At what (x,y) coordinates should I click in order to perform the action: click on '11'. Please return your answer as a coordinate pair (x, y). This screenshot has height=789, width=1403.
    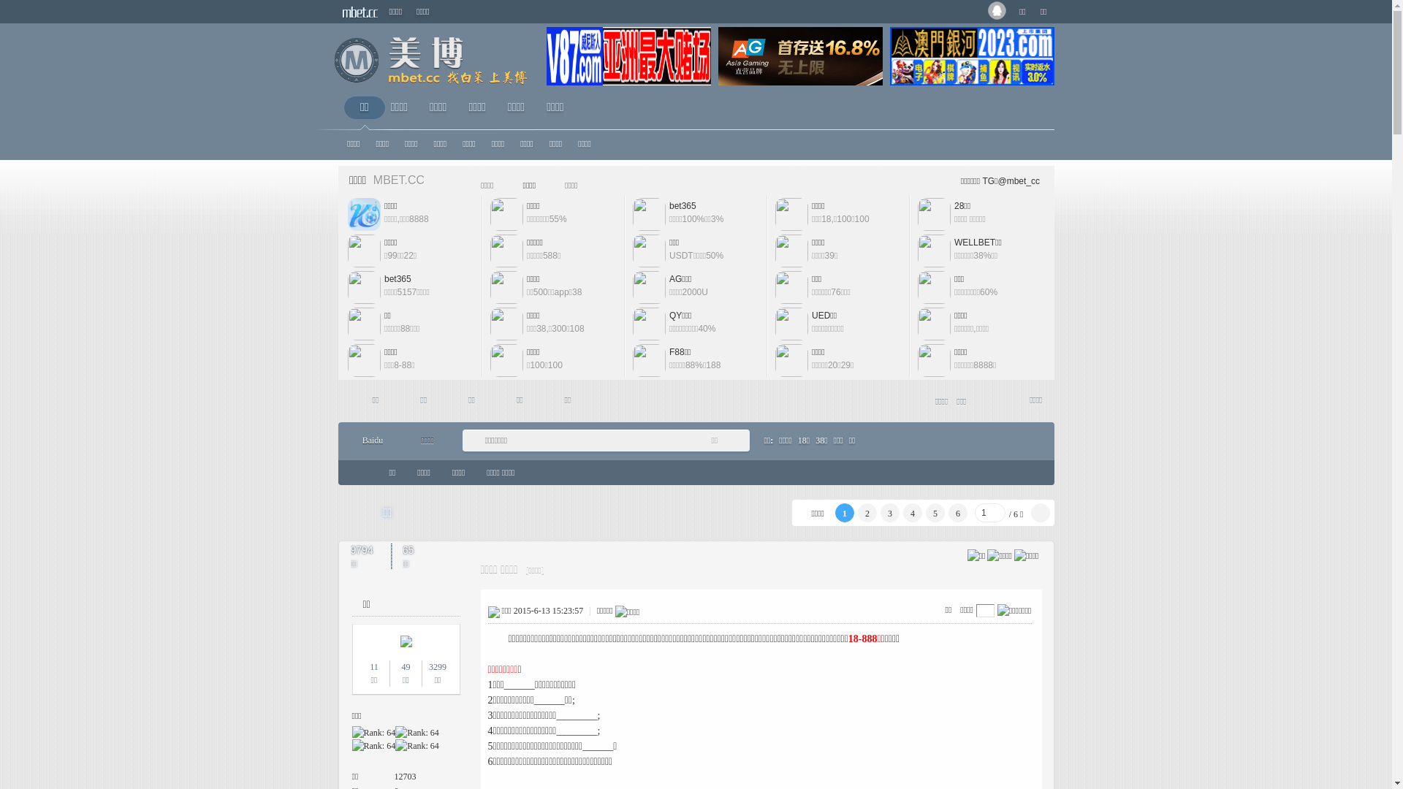
    Looking at the image, I should click on (369, 667).